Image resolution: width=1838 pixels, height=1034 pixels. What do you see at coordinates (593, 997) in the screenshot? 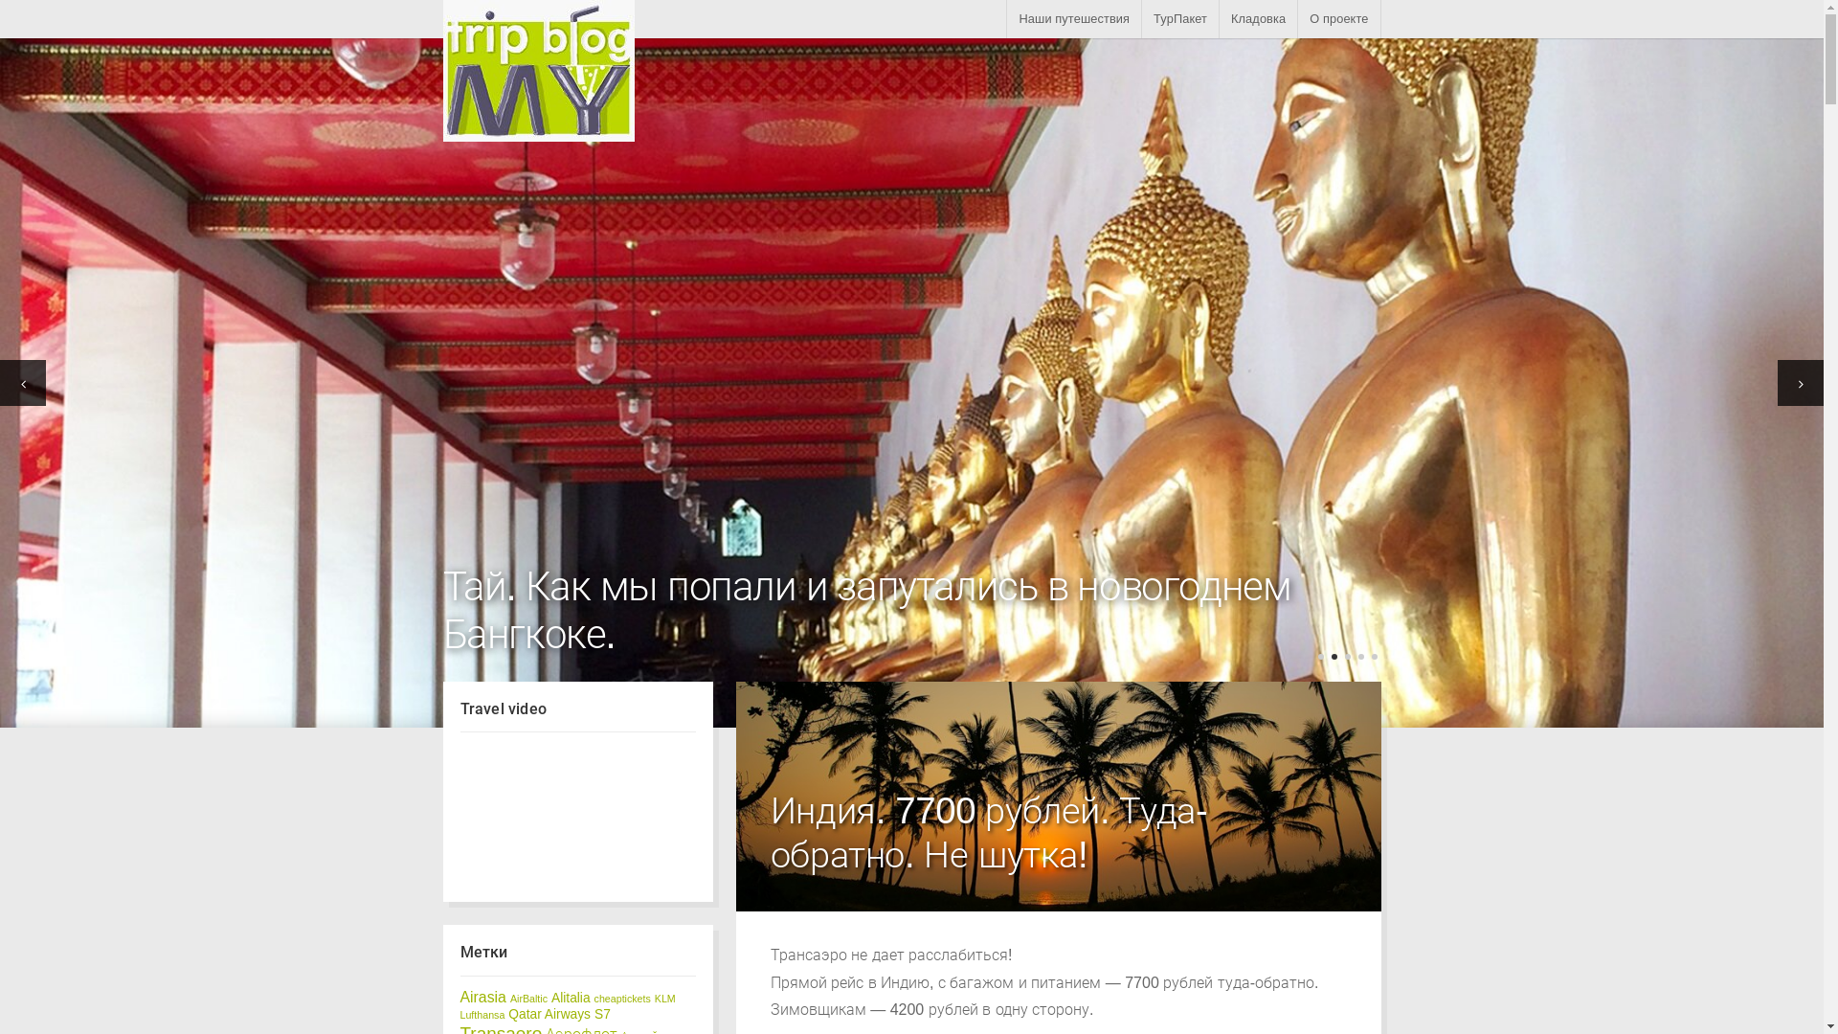
I see `'cheaptickets'` at bounding box center [593, 997].